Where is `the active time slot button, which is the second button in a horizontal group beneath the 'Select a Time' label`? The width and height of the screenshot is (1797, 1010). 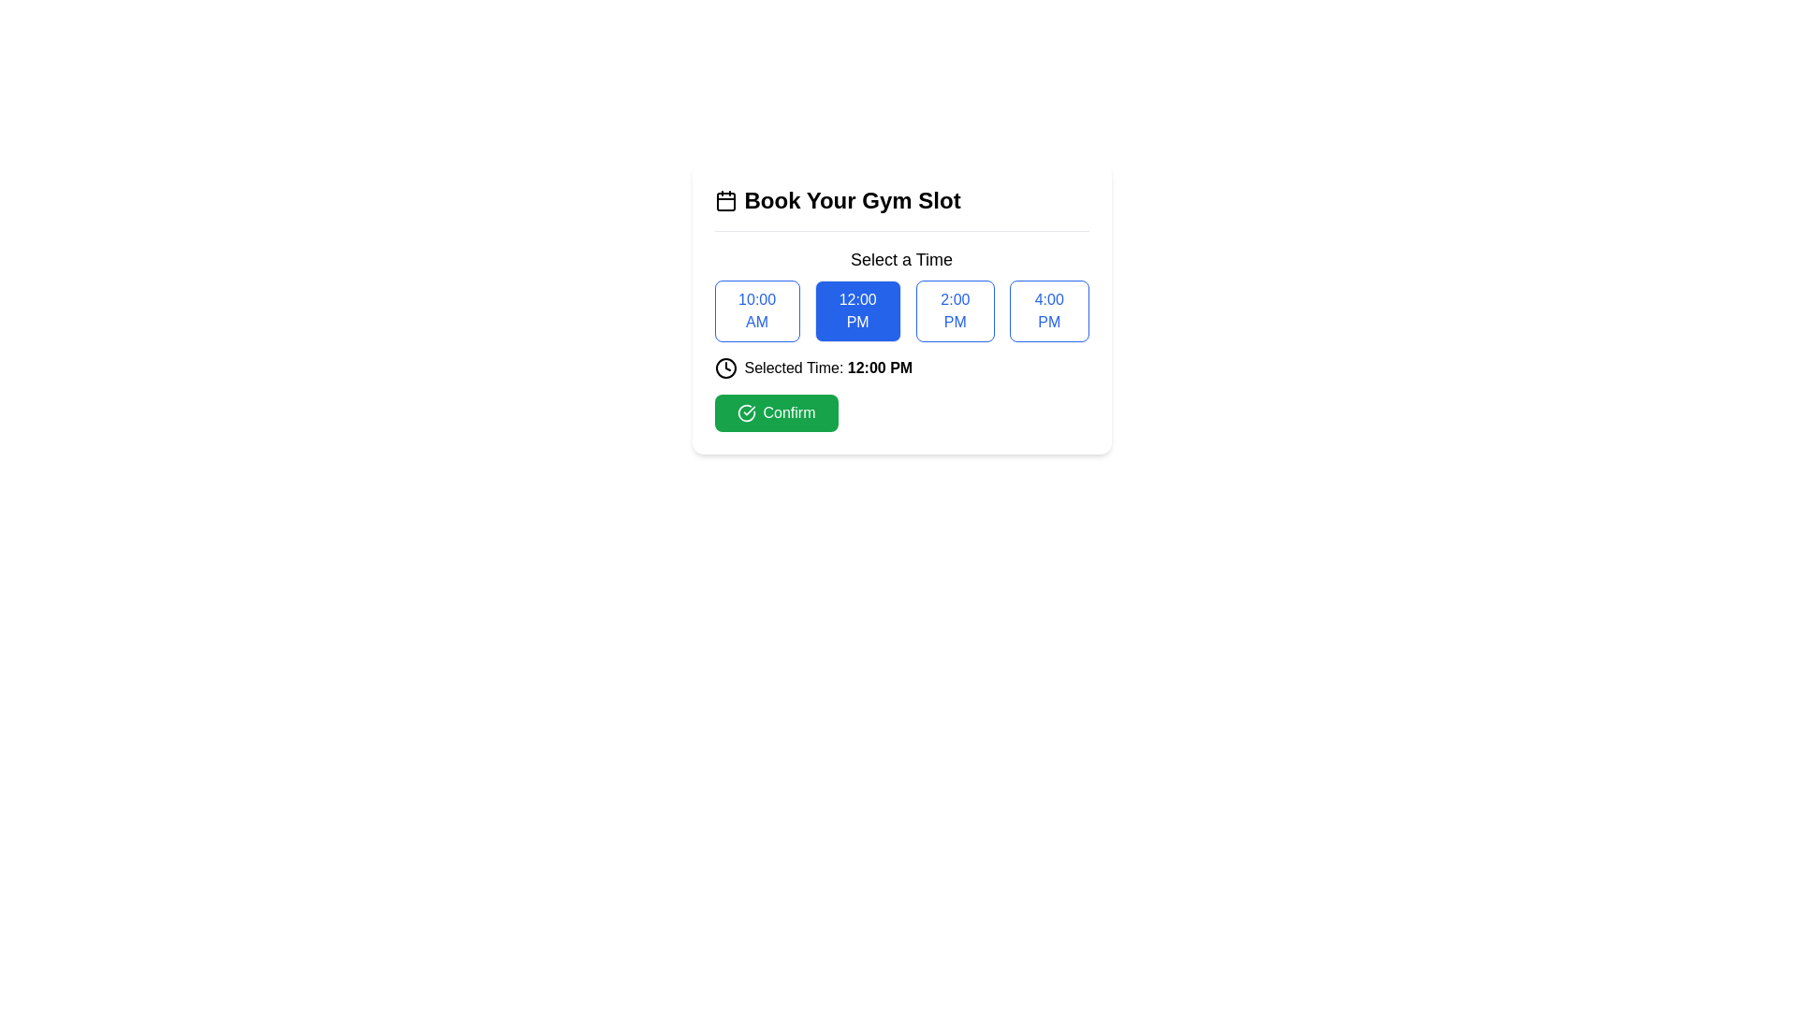 the active time slot button, which is the second button in a horizontal group beneath the 'Select a Time' label is located at coordinates (901, 310).